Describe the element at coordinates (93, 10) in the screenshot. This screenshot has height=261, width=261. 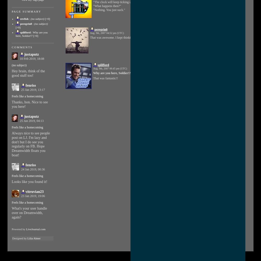
I see `'"Nothing.  You just suck."'` at that location.